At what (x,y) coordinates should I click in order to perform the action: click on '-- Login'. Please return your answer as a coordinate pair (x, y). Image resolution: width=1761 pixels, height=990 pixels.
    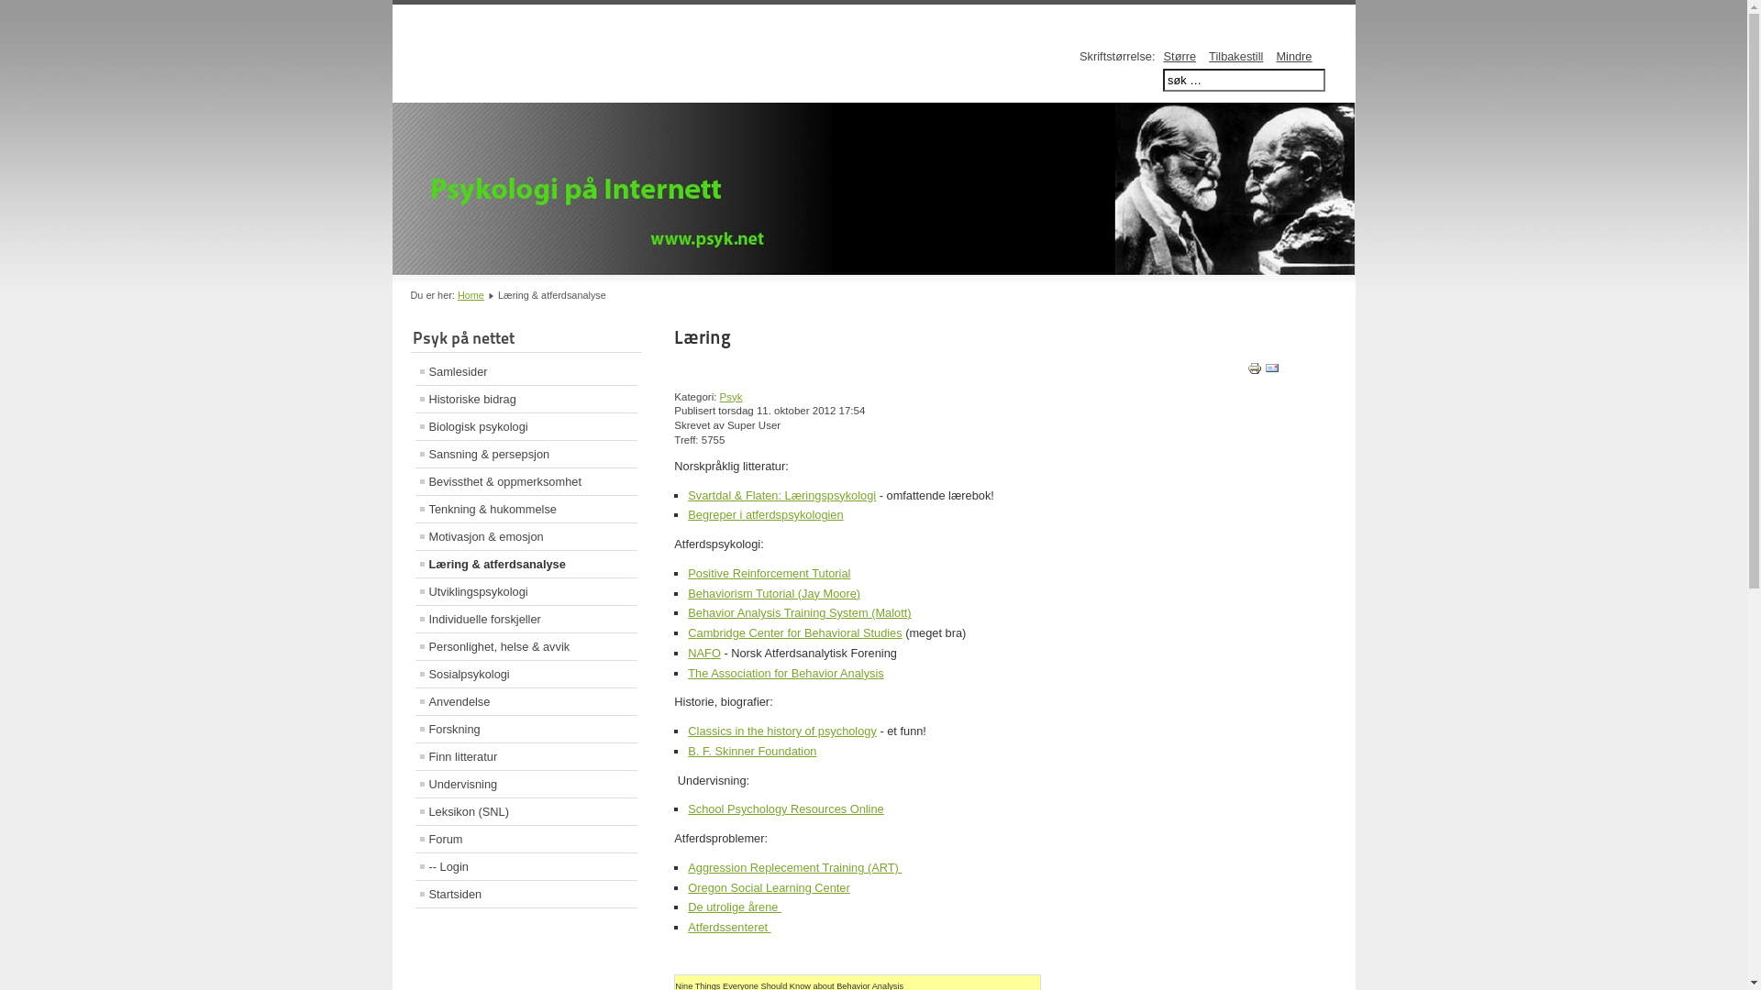
    Looking at the image, I should click on (525, 866).